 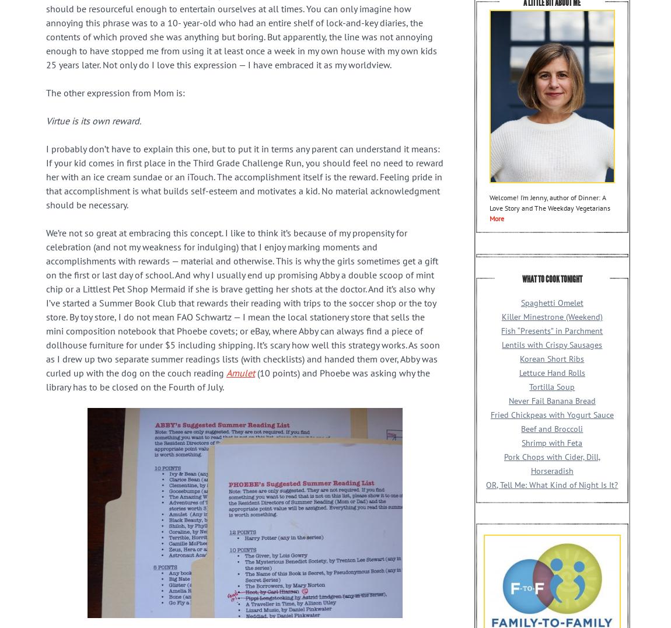 I want to click on 'Tortilla Soup', so click(x=551, y=385).